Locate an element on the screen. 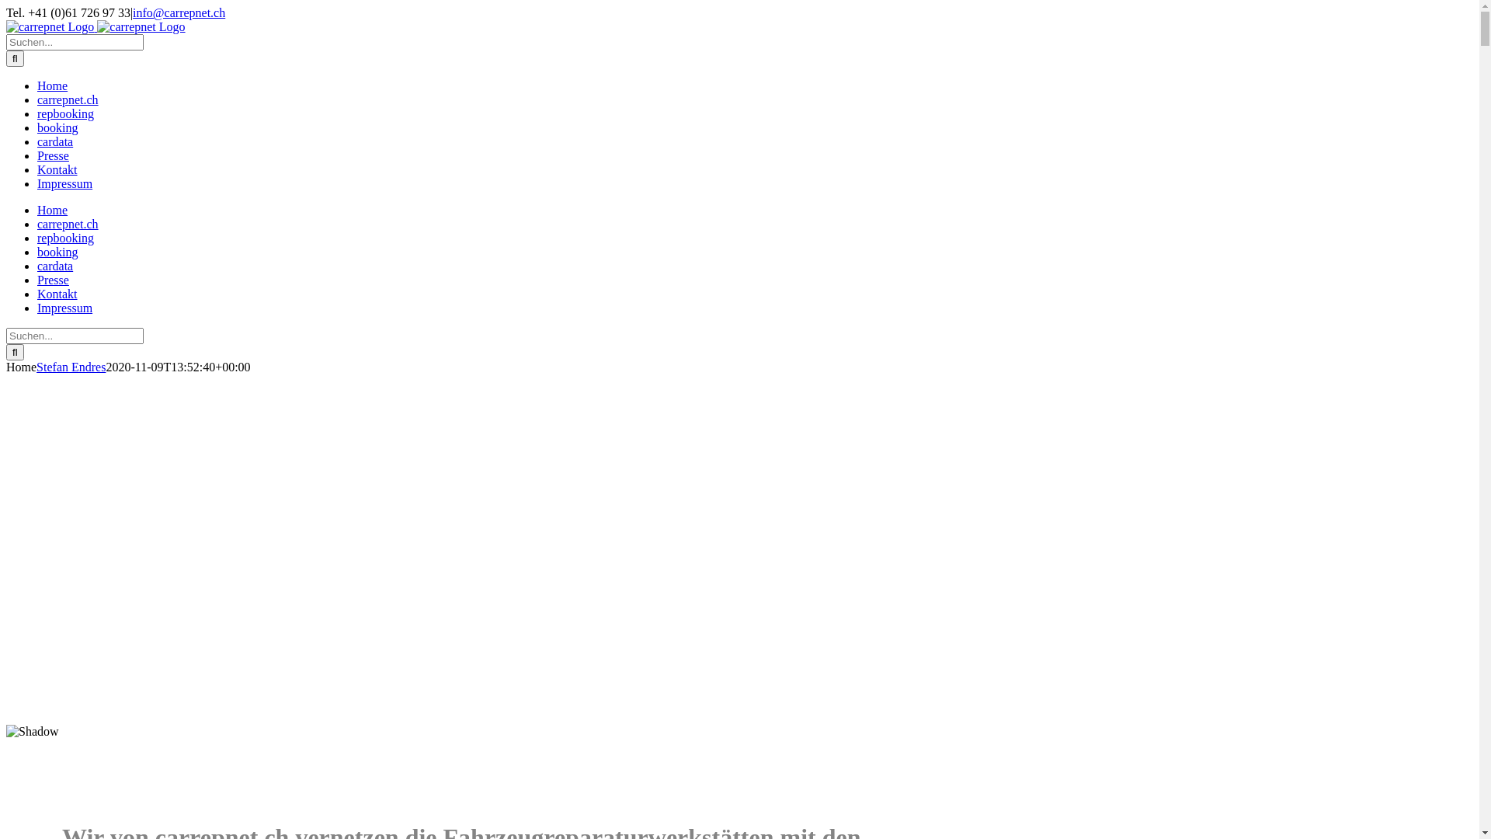  'Kontakt' is located at coordinates (57, 294).